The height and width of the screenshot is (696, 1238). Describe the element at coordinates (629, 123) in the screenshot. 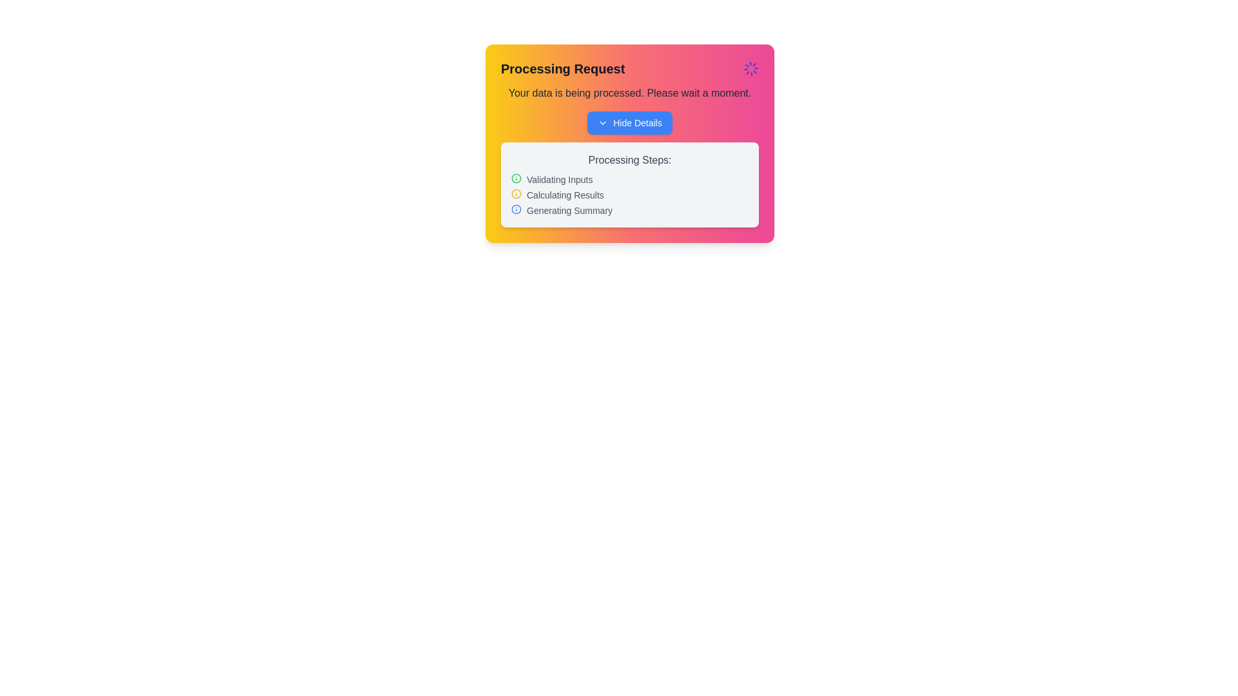

I see `the interactive button located below the 'Processing Request' heading and above the 'Processing Steps' section` at that location.